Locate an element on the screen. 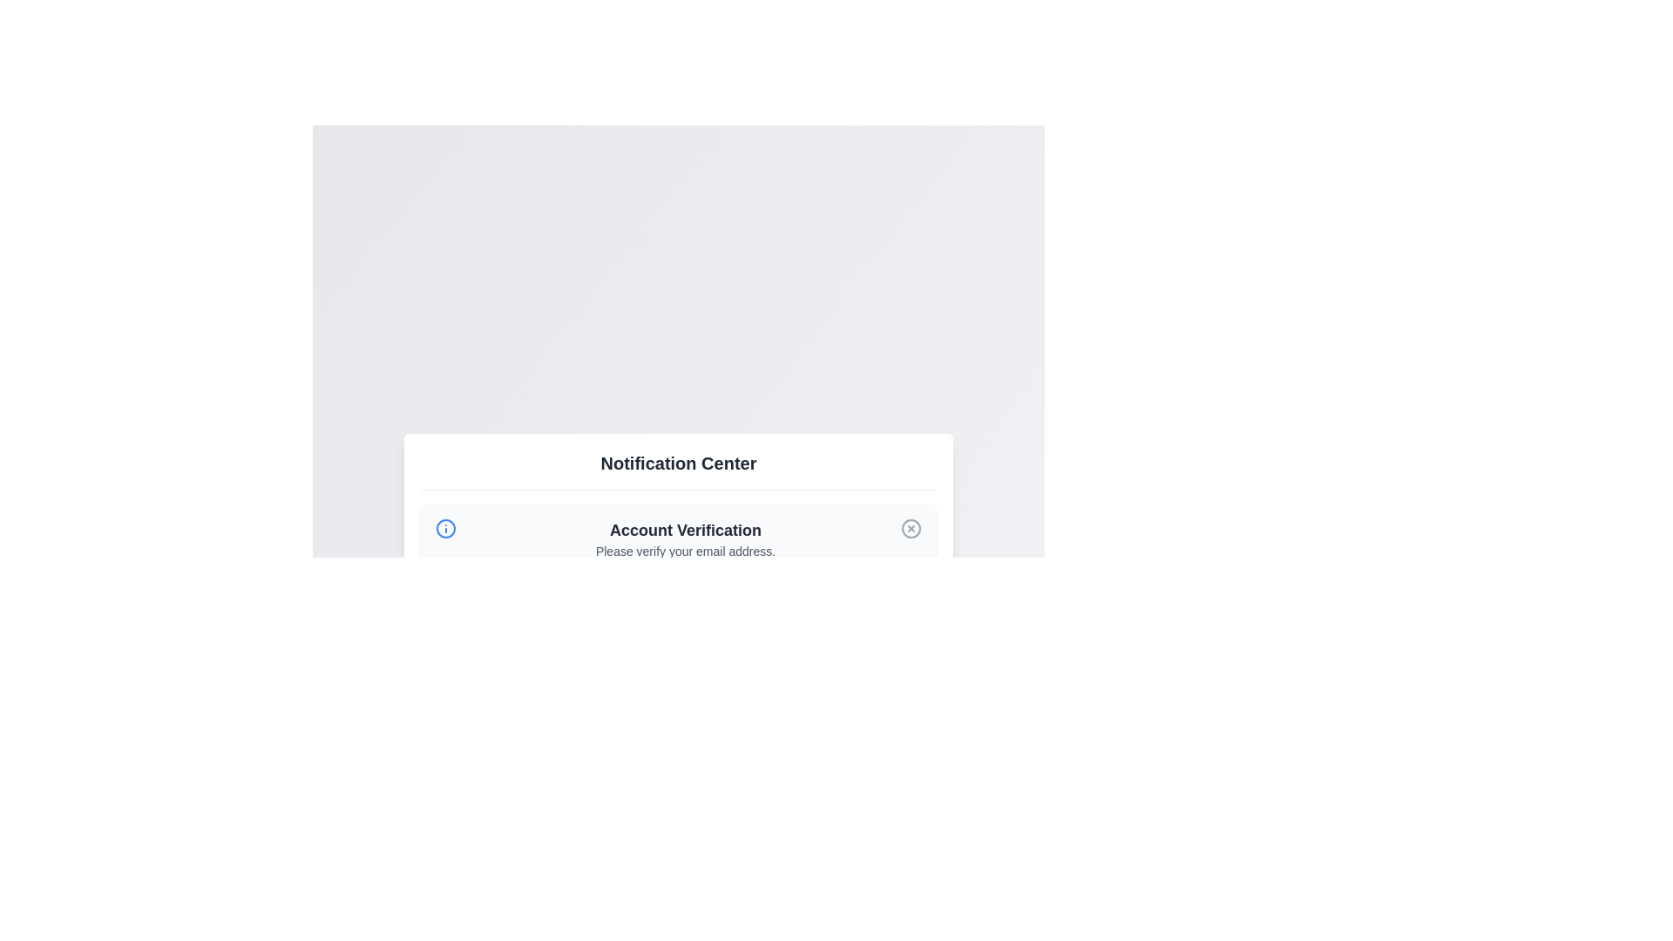 Image resolution: width=1673 pixels, height=941 pixels. the circular information icon with a blue outline located at the top-left corner of the notification card, adjacent to the 'Account Verification' text, as a static visual indicator is located at coordinates (446, 526).